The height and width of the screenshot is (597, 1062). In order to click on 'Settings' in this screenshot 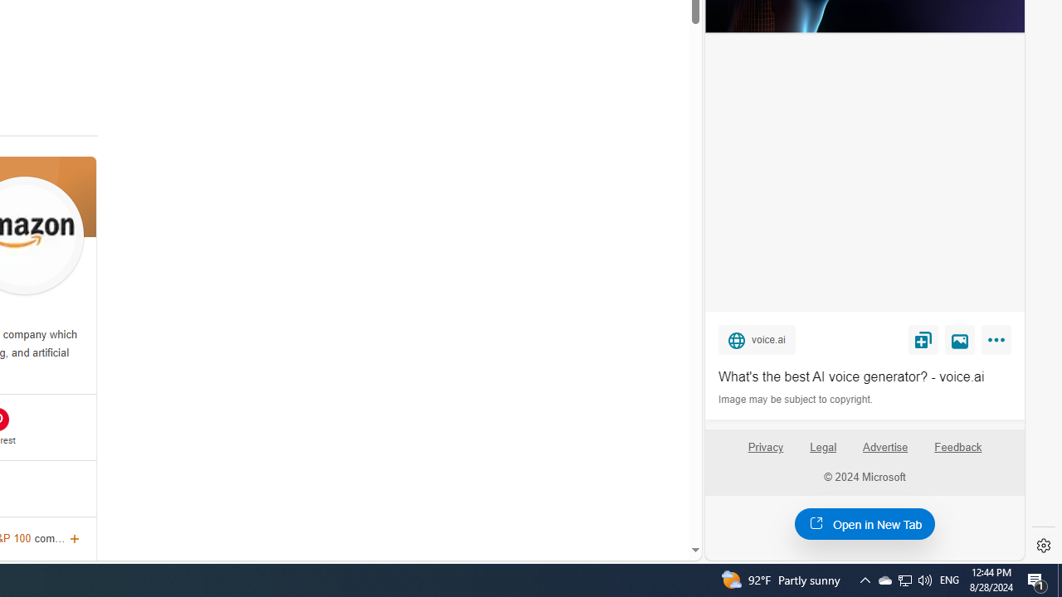, I will do `click(1043, 546)`.